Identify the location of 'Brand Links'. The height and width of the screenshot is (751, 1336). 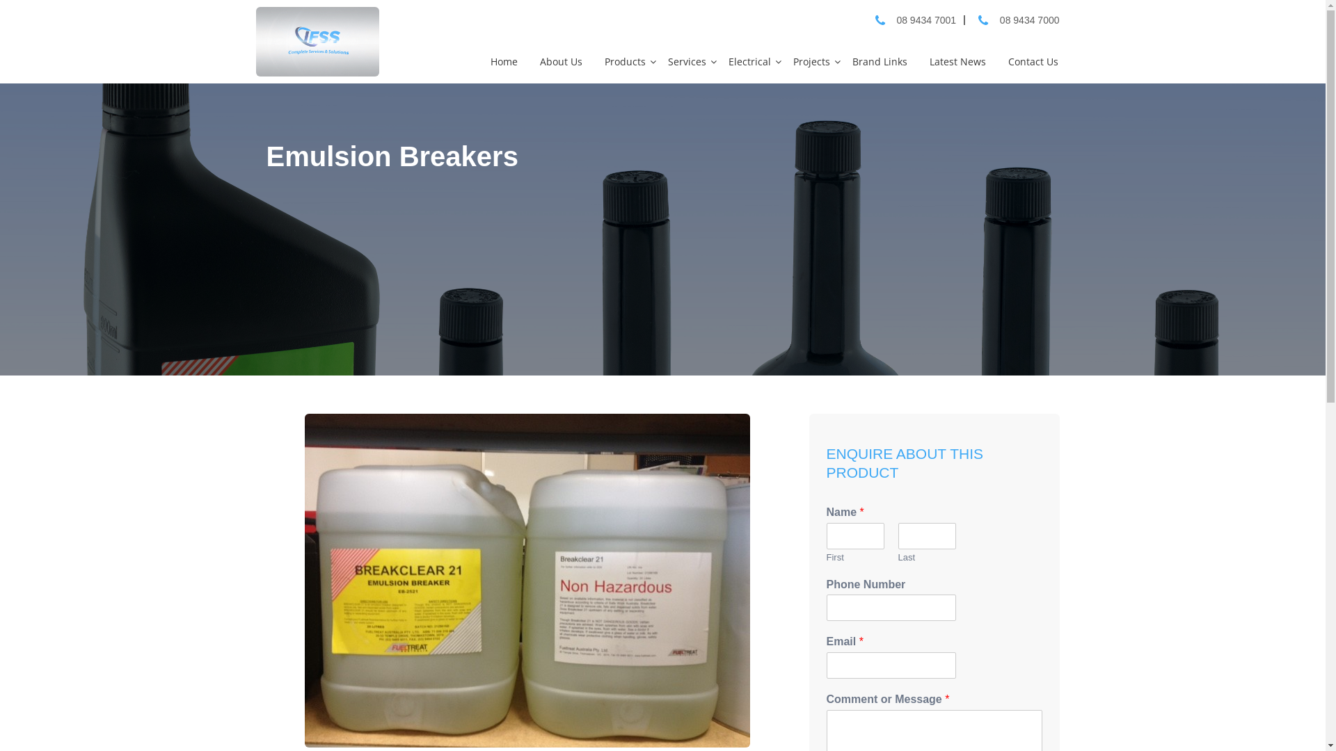
(880, 60).